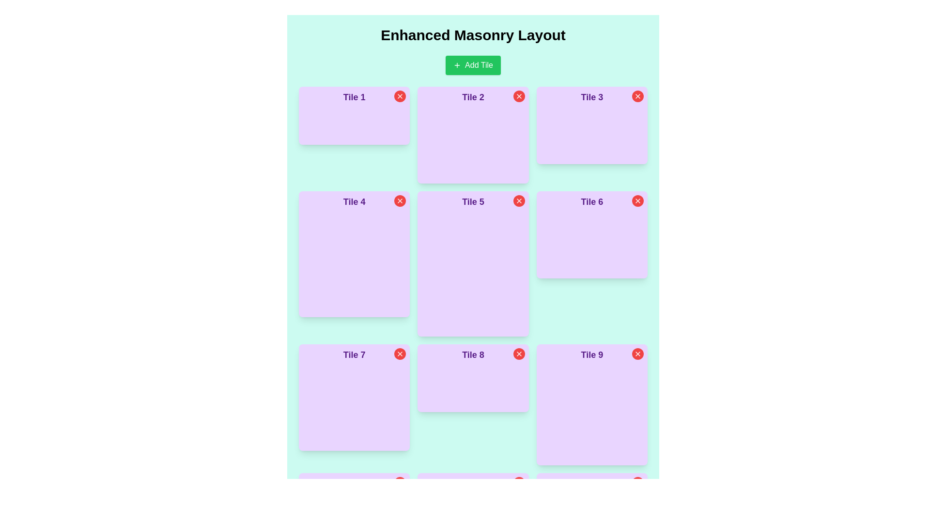  I want to click on the close button in the top-right corner of the tile labeled 'Tile 2', so click(518, 96).